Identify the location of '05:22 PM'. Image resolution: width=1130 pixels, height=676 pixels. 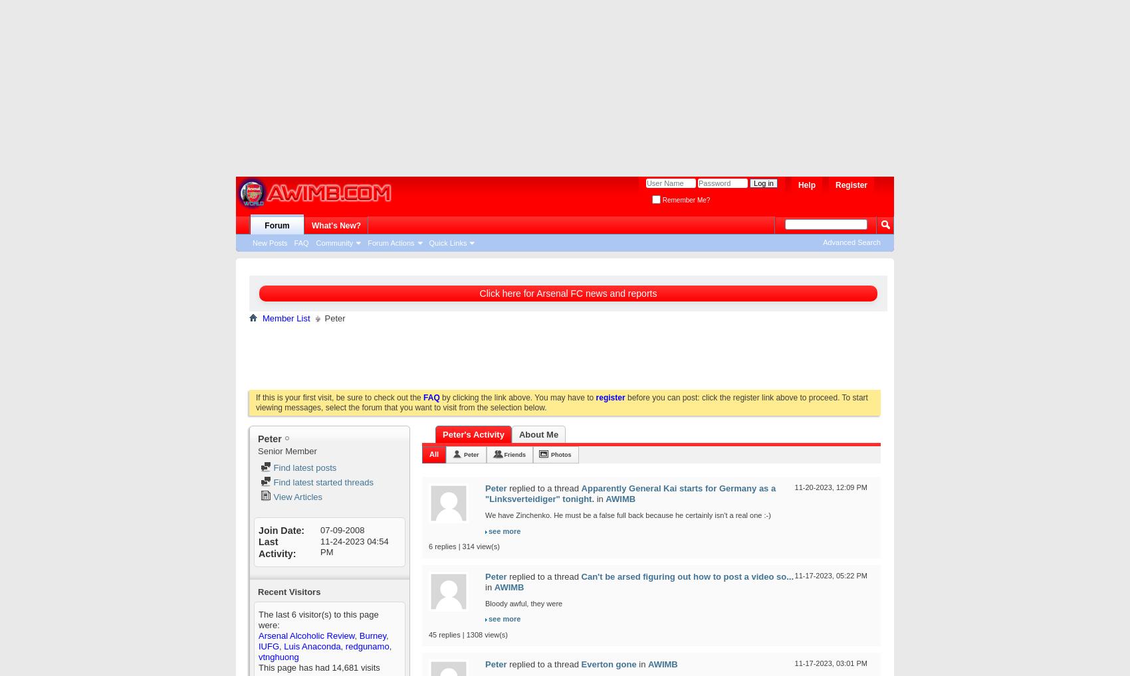
(851, 575).